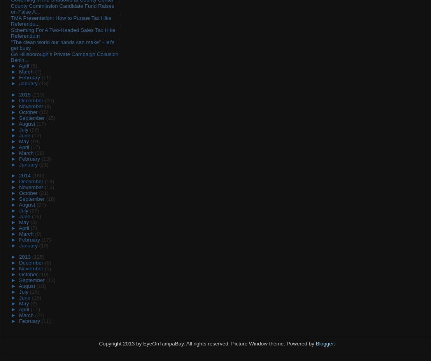 This screenshot has height=361, width=431. I want to click on 'Scheming For A Two-Headed Sales Tax Hike Referendum', so click(62, 33).